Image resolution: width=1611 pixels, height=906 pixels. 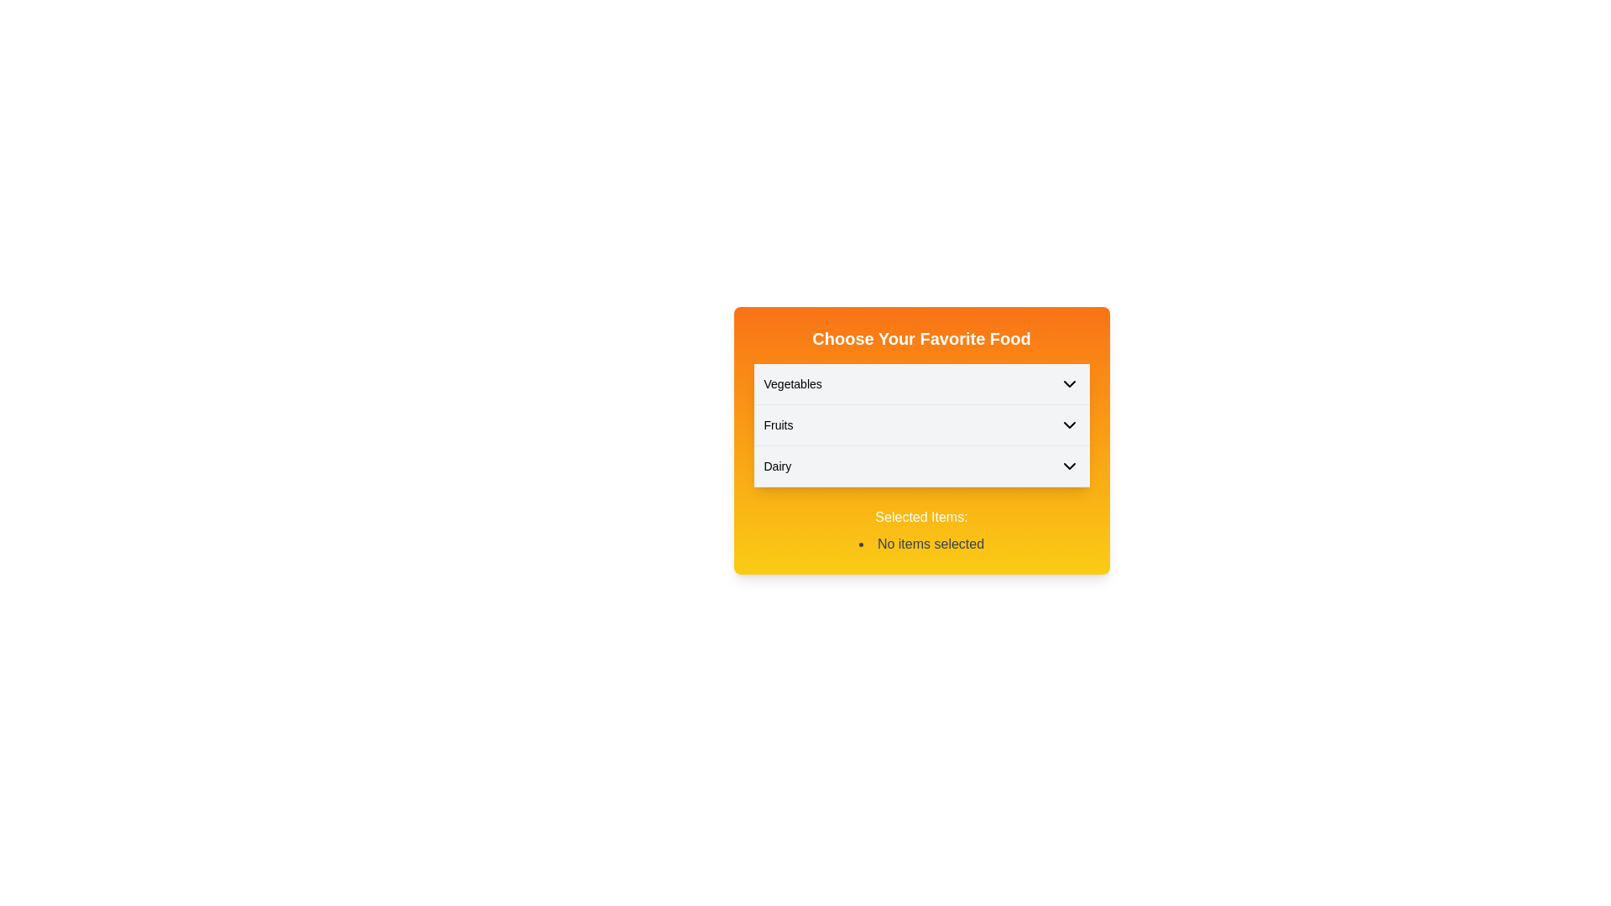 I want to click on the Text label that indicates 'Selected Items:' which is located above the list item 'No items selected.', so click(x=920, y=517).